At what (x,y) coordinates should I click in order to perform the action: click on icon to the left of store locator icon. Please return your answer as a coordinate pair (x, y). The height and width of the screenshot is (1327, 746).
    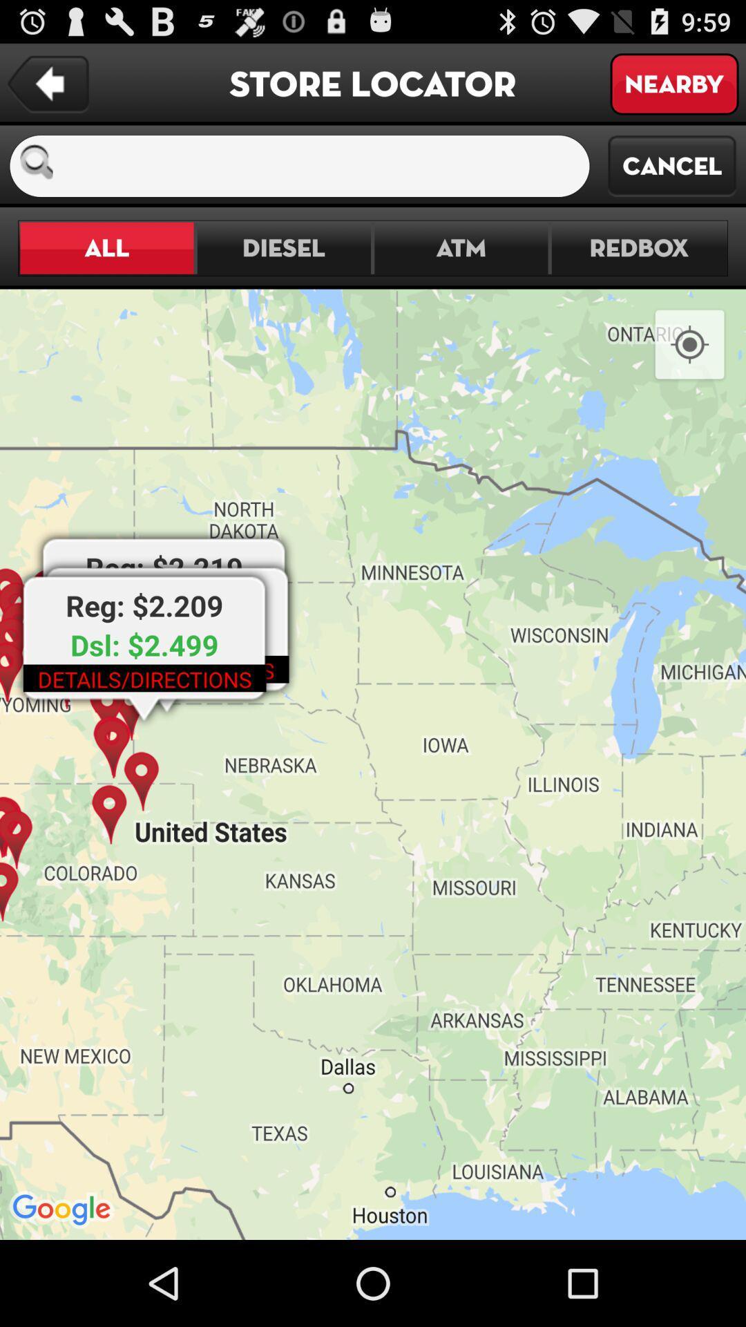
    Looking at the image, I should click on (47, 84).